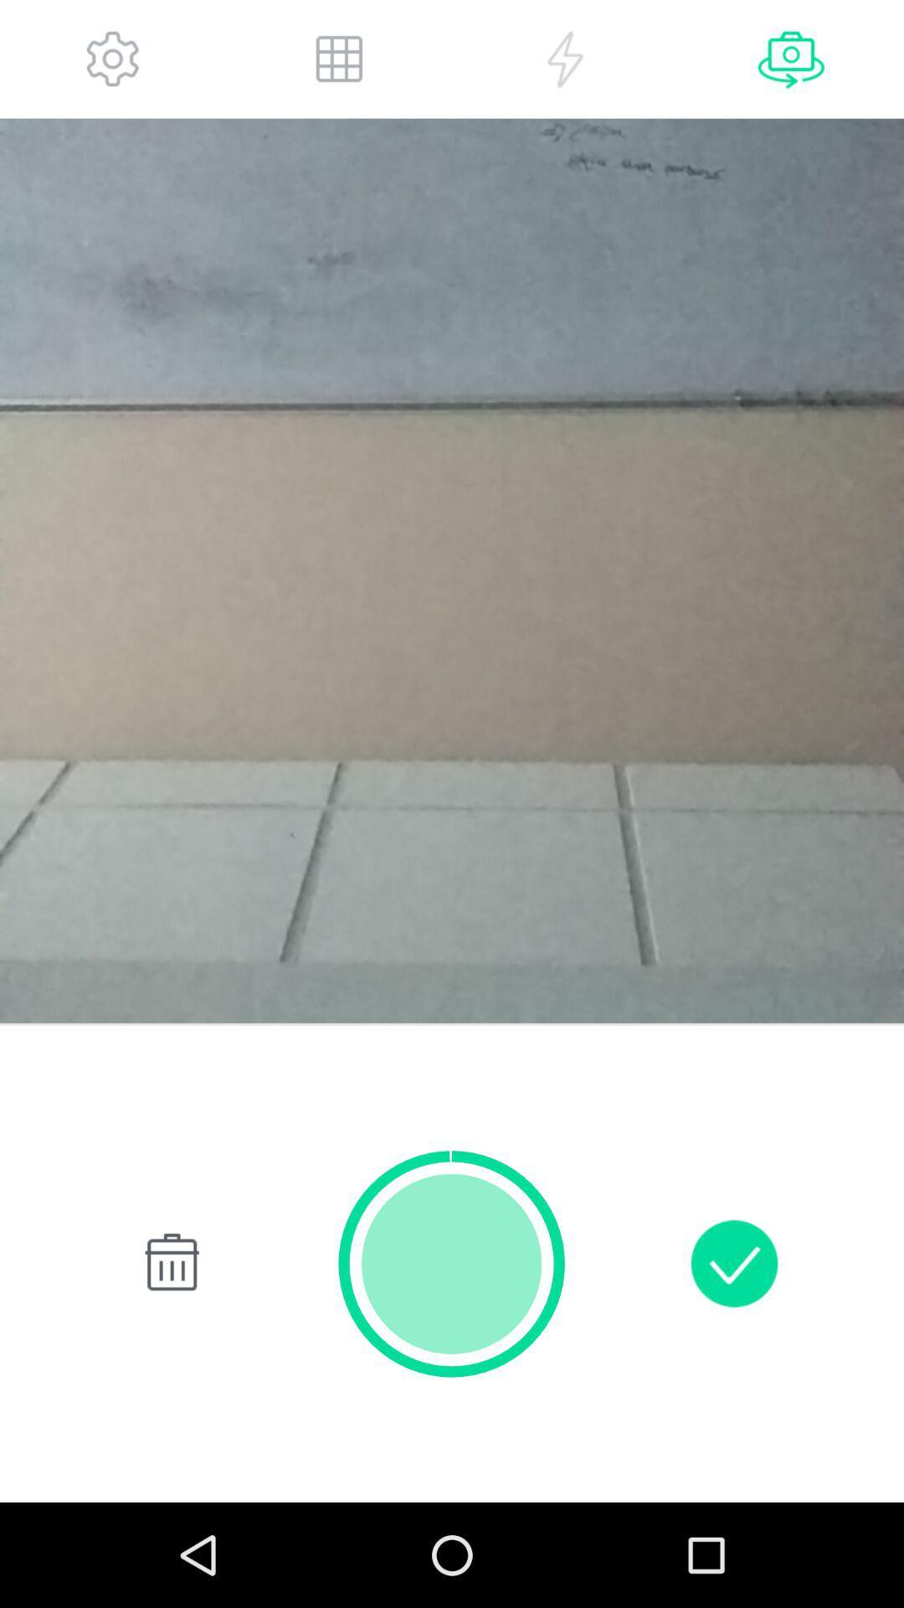 This screenshot has height=1608, width=904. Describe the element at coordinates (113, 59) in the screenshot. I see `buttons to setting` at that location.